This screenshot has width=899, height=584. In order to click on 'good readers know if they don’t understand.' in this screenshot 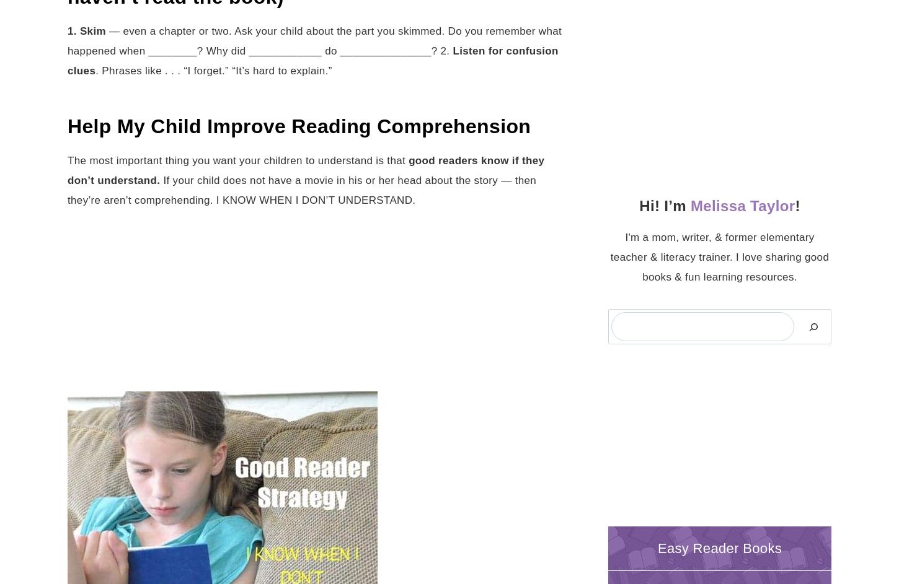, I will do `click(68, 169)`.